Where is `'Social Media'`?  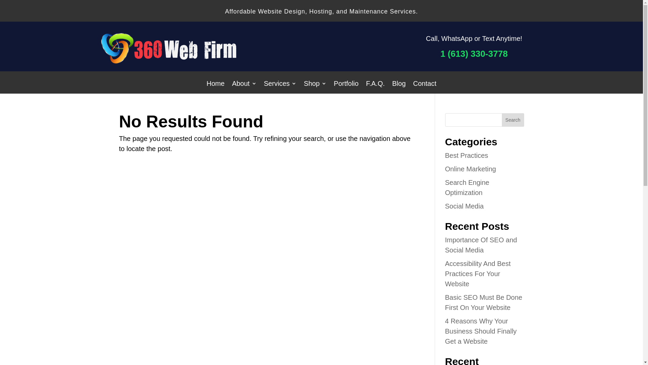
'Social Media' is located at coordinates (464, 205).